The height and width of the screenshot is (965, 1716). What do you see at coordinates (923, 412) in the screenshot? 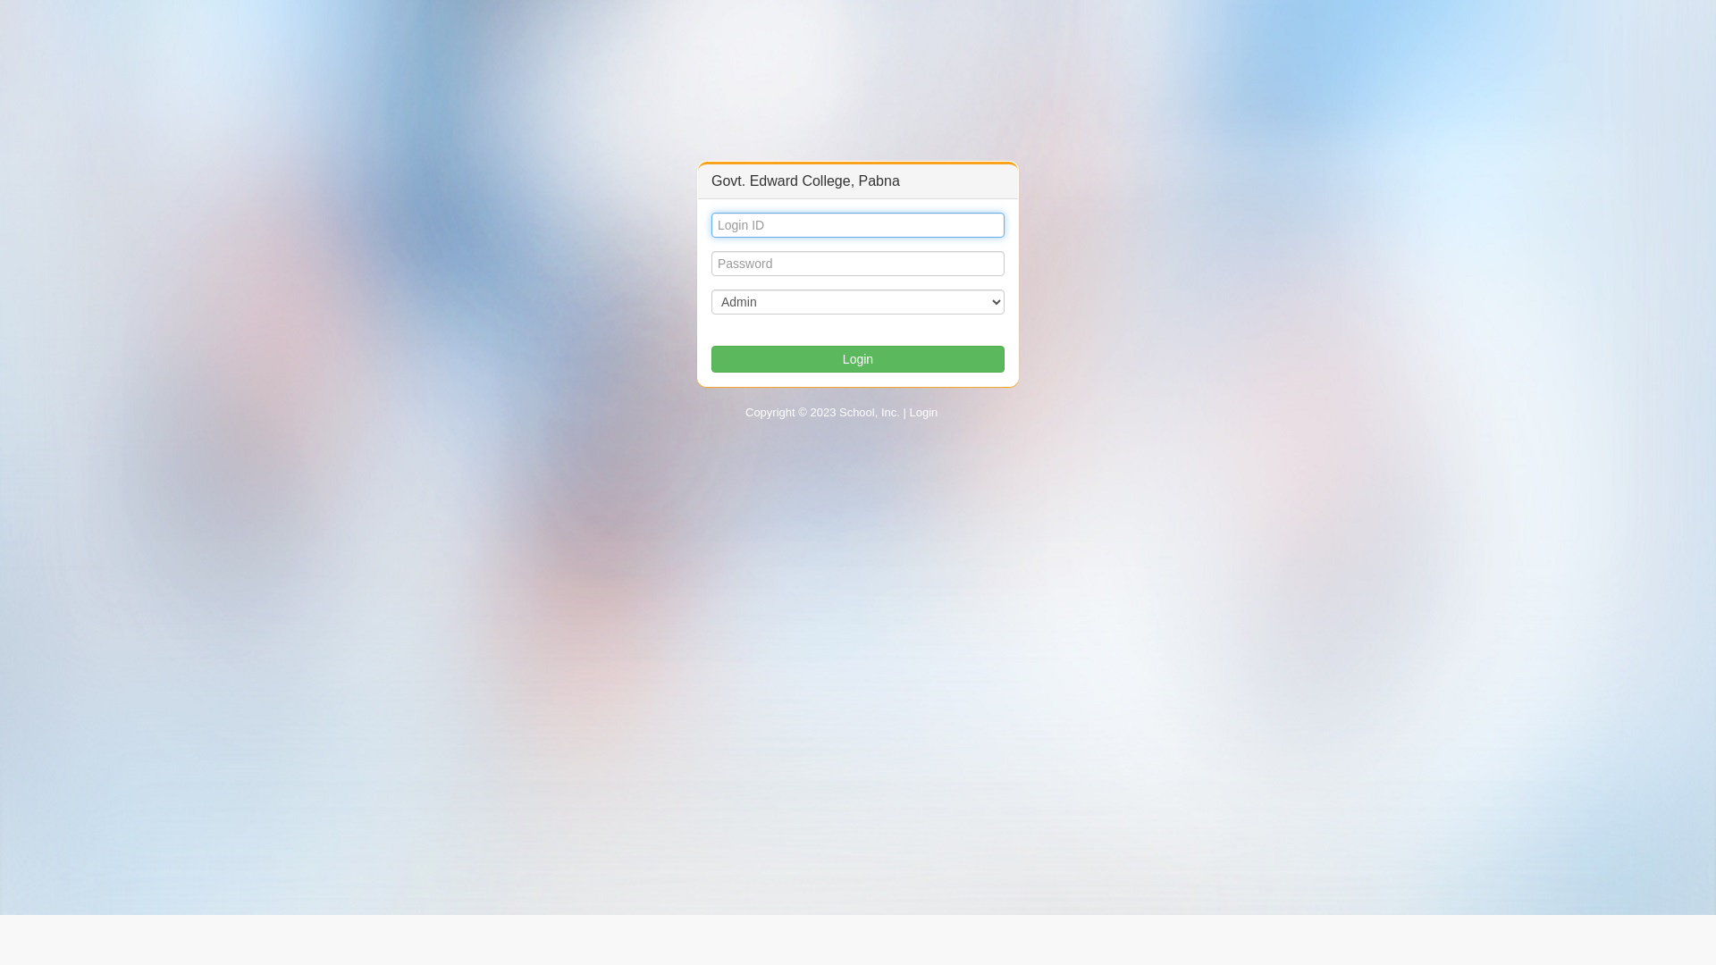
I see `'Login'` at bounding box center [923, 412].